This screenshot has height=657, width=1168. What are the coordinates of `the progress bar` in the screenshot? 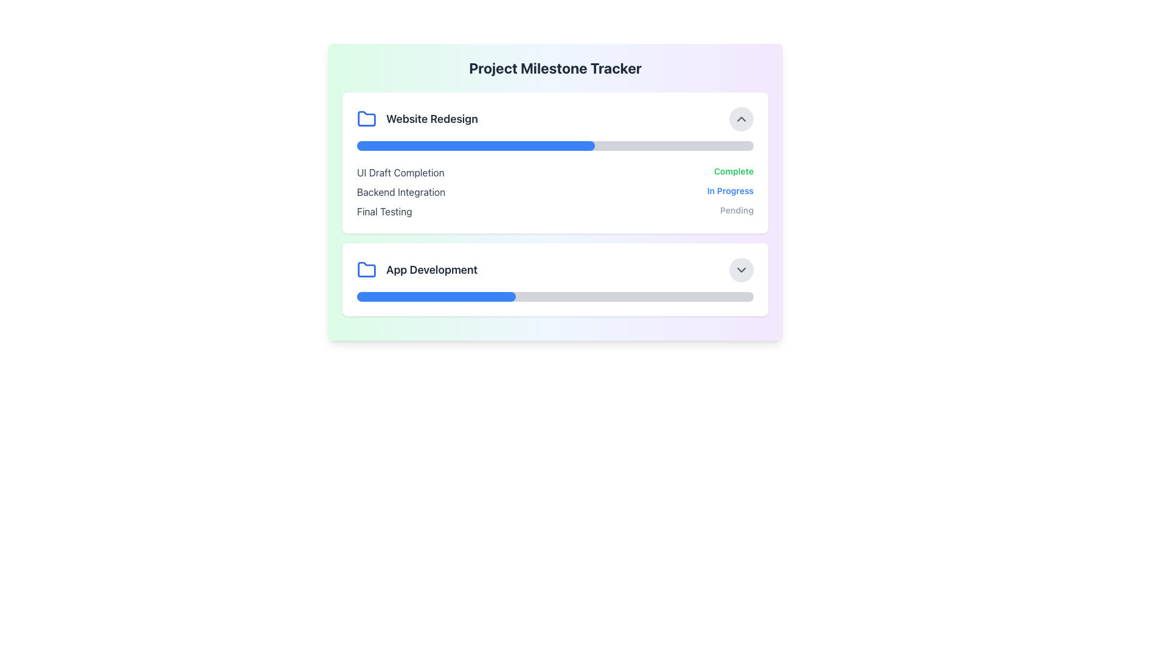 It's located at (535, 145).